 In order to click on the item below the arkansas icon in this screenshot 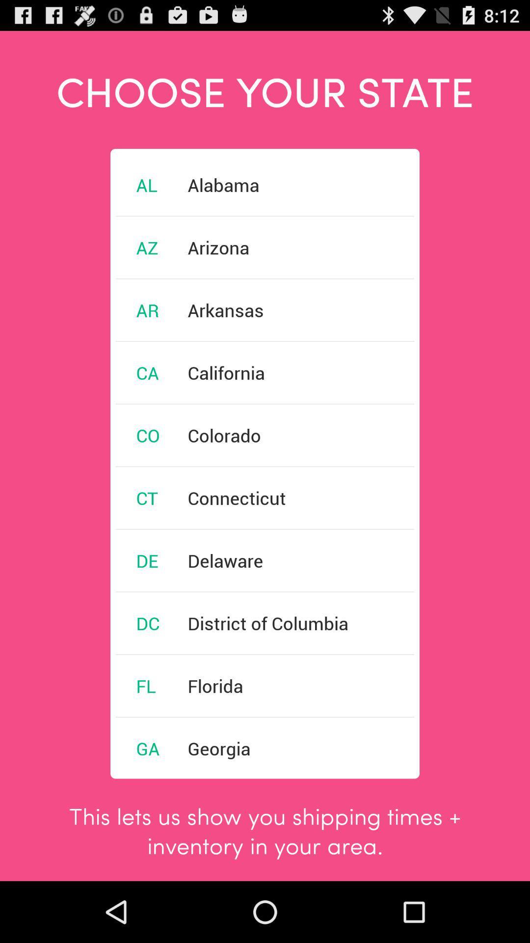, I will do `click(226, 372)`.